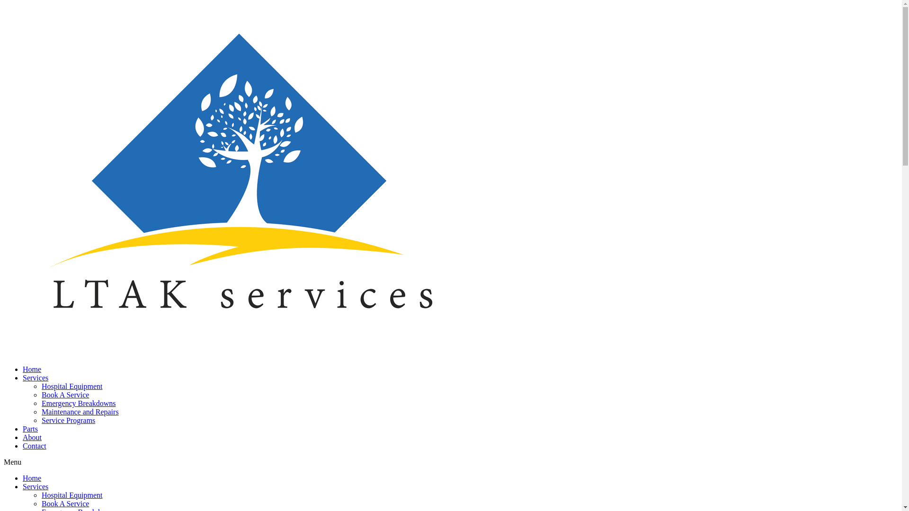  What do you see at coordinates (23, 437) in the screenshot?
I see `'About'` at bounding box center [23, 437].